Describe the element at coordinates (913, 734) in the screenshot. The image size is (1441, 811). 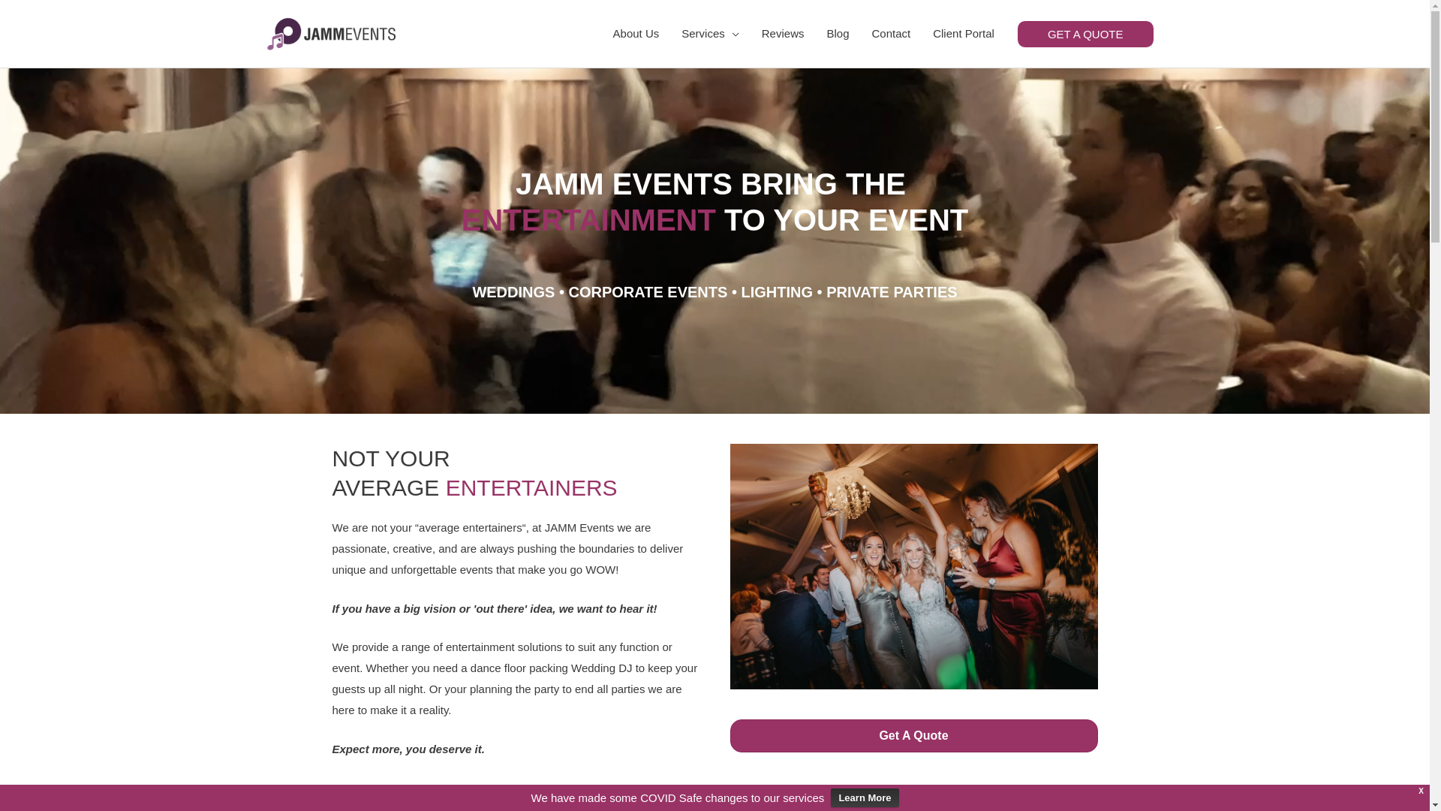
I see `'Get A Quote'` at that location.